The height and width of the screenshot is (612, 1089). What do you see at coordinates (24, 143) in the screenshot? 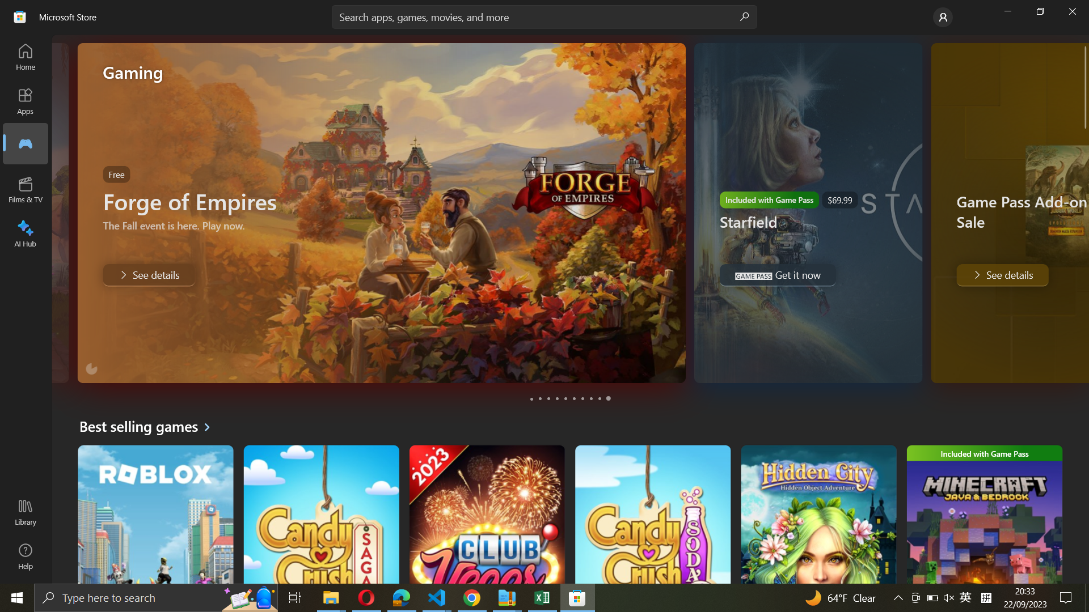
I see `Films & TV tab from the main menu` at bounding box center [24, 143].